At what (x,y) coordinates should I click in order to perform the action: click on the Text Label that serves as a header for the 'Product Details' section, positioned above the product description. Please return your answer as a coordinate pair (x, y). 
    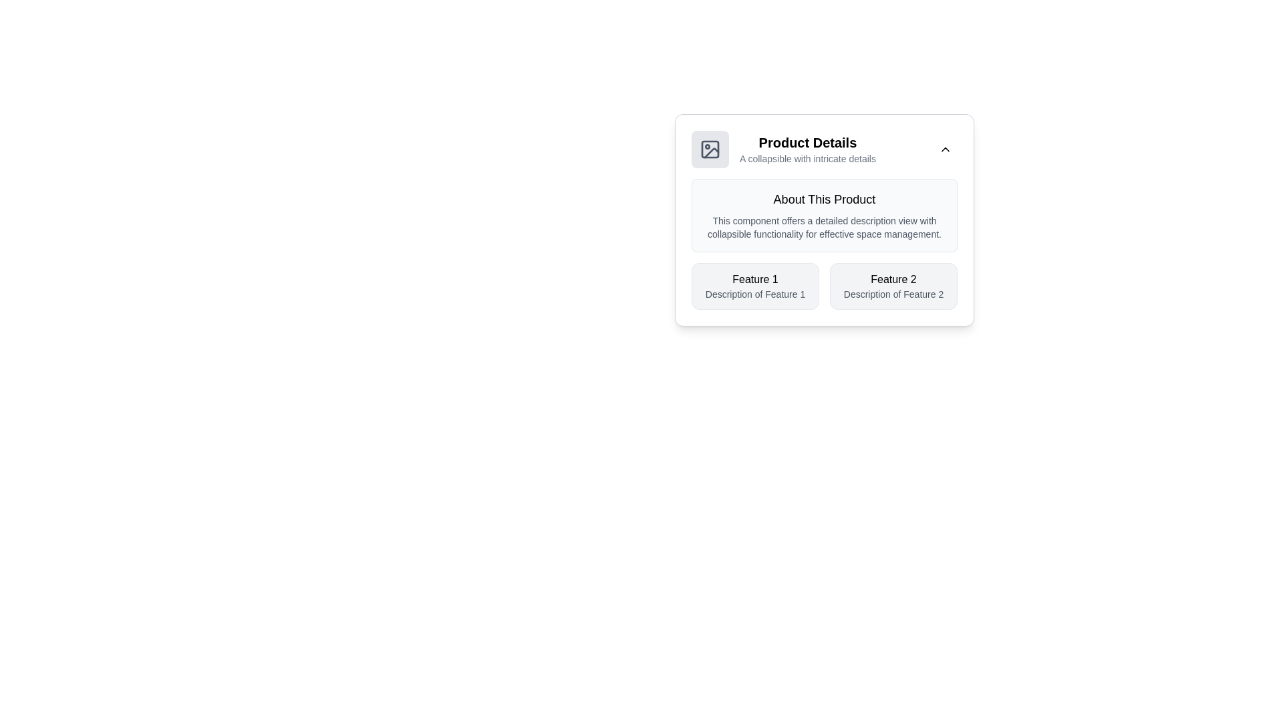
    Looking at the image, I should click on (823, 200).